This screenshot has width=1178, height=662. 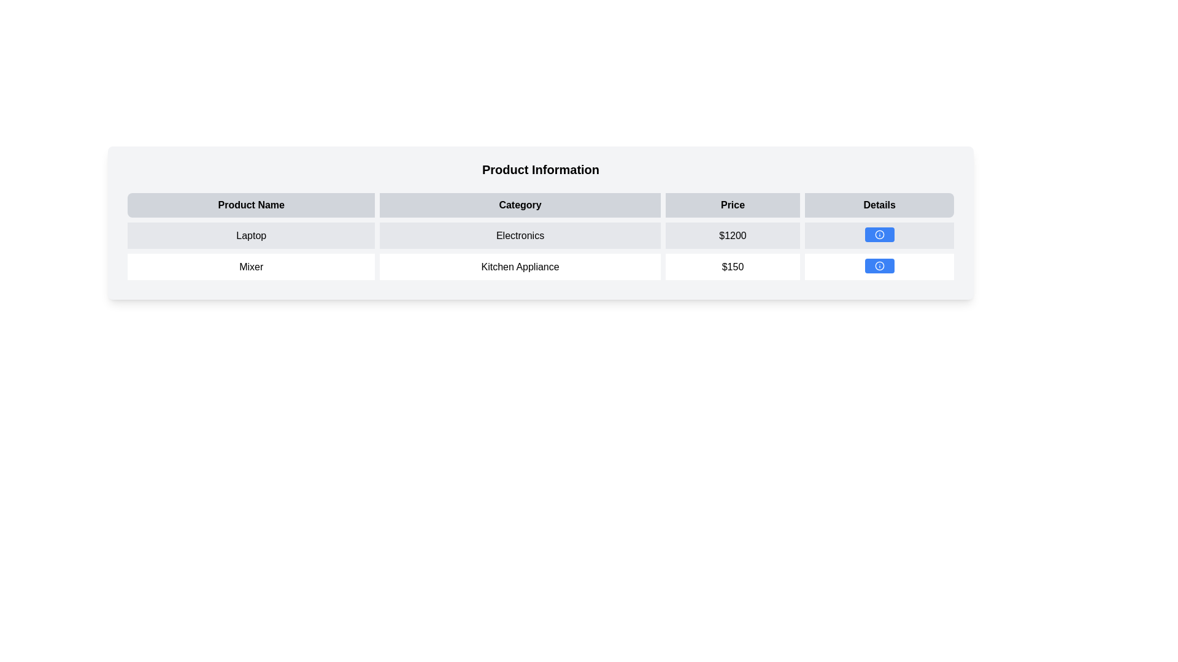 What do you see at coordinates (733, 205) in the screenshot?
I see `the 'Price' column header` at bounding box center [733, 205].